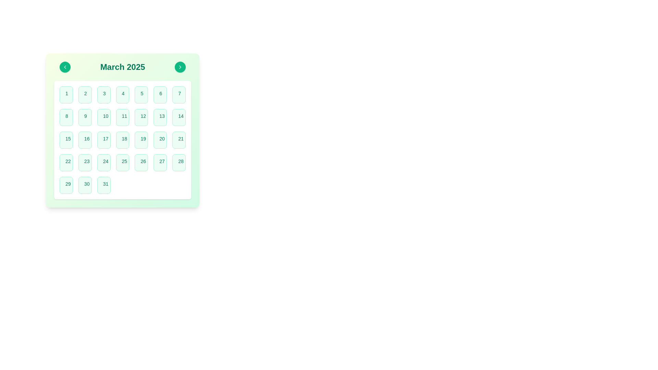  I want to click on the button-like calendar date cell displaying the number '11', so click(123, 117).